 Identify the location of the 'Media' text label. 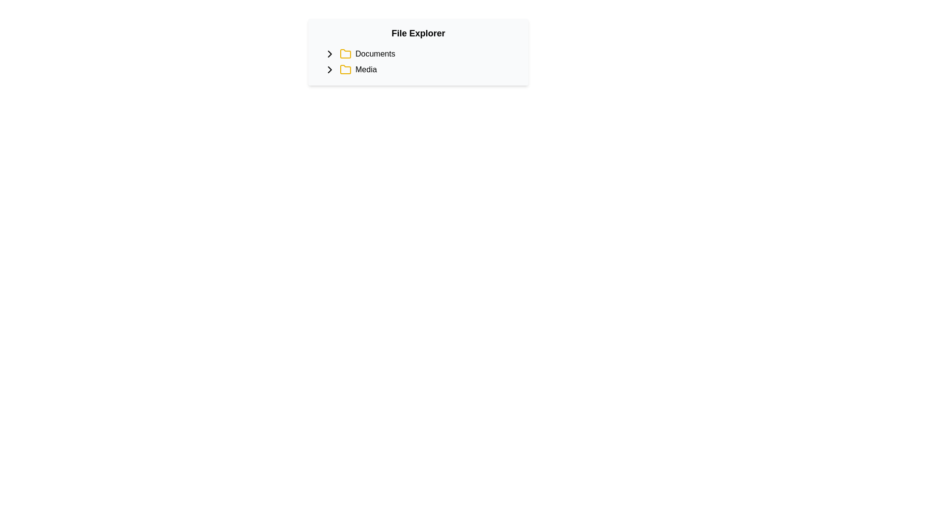
(365, 69).